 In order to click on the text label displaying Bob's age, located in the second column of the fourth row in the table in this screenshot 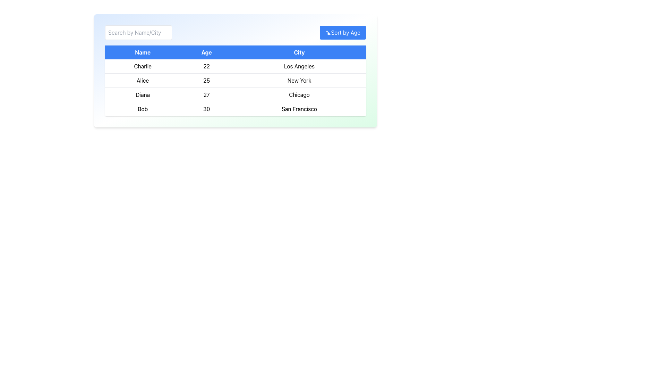, I will do `click(206, 109)`.